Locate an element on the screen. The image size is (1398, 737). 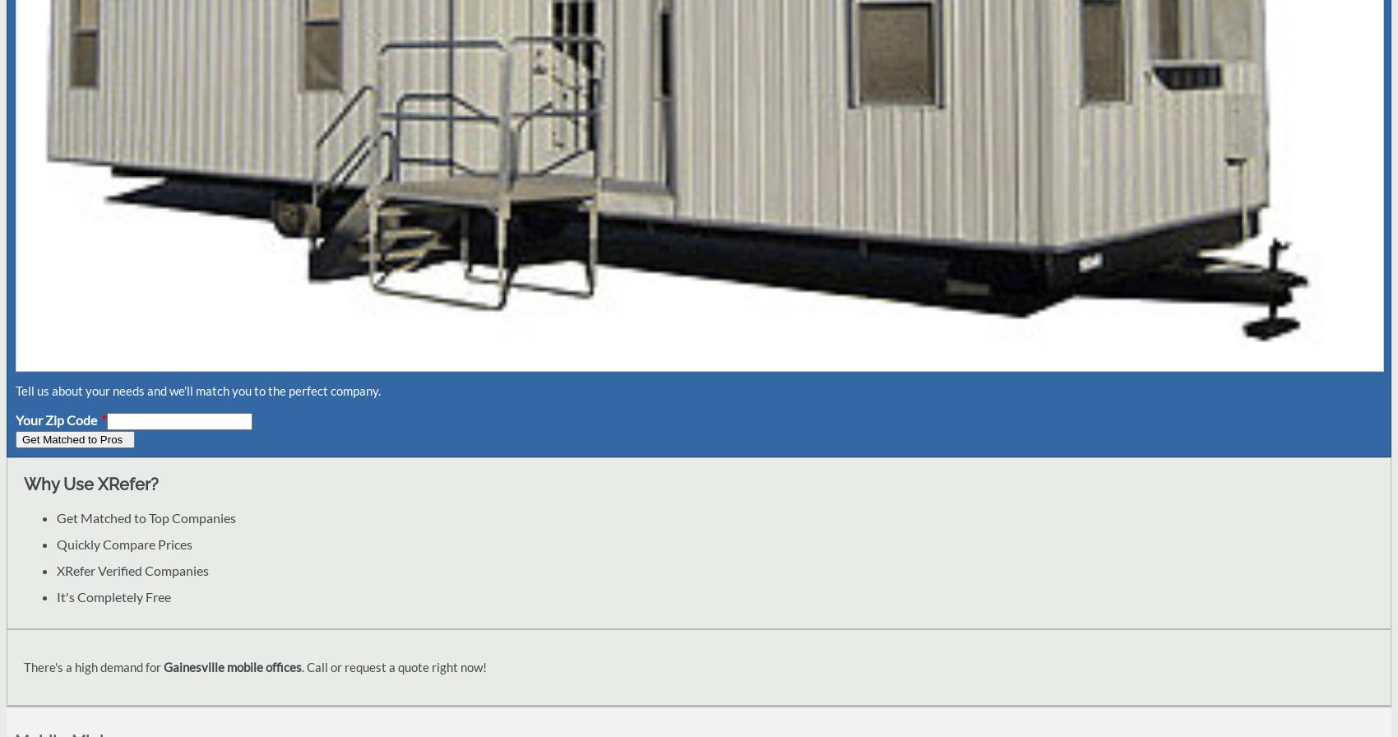
'There's a high demand for' is located at coordinates (24, 665).